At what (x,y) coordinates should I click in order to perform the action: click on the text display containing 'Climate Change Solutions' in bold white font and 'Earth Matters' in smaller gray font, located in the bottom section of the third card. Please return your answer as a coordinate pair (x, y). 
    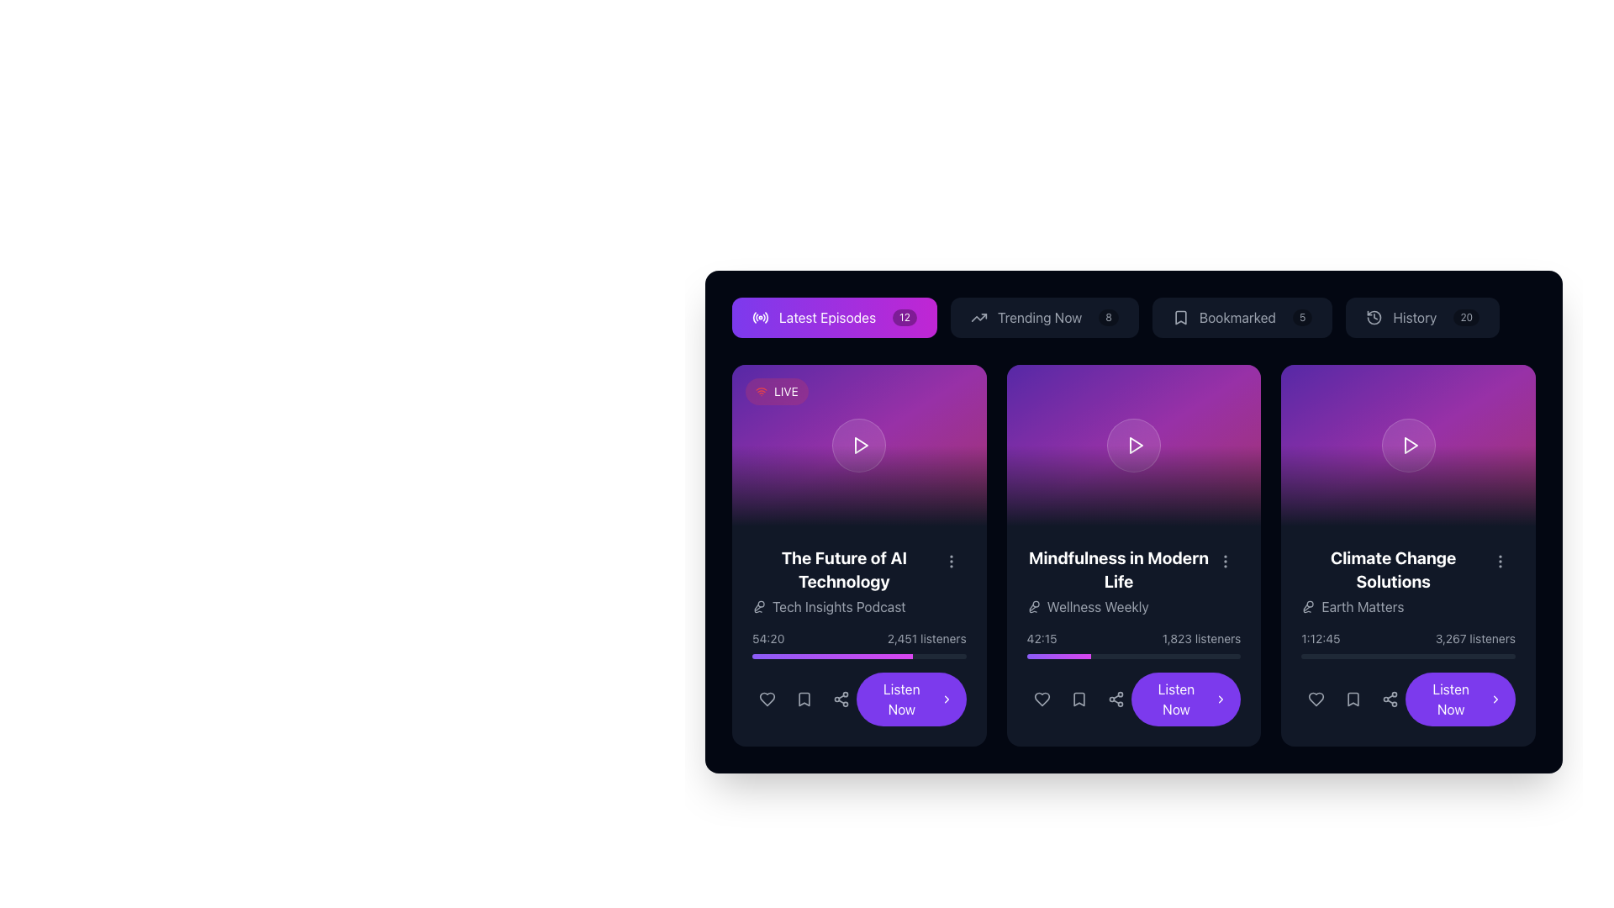
    Looking at the image, I should click on (1408, 580).